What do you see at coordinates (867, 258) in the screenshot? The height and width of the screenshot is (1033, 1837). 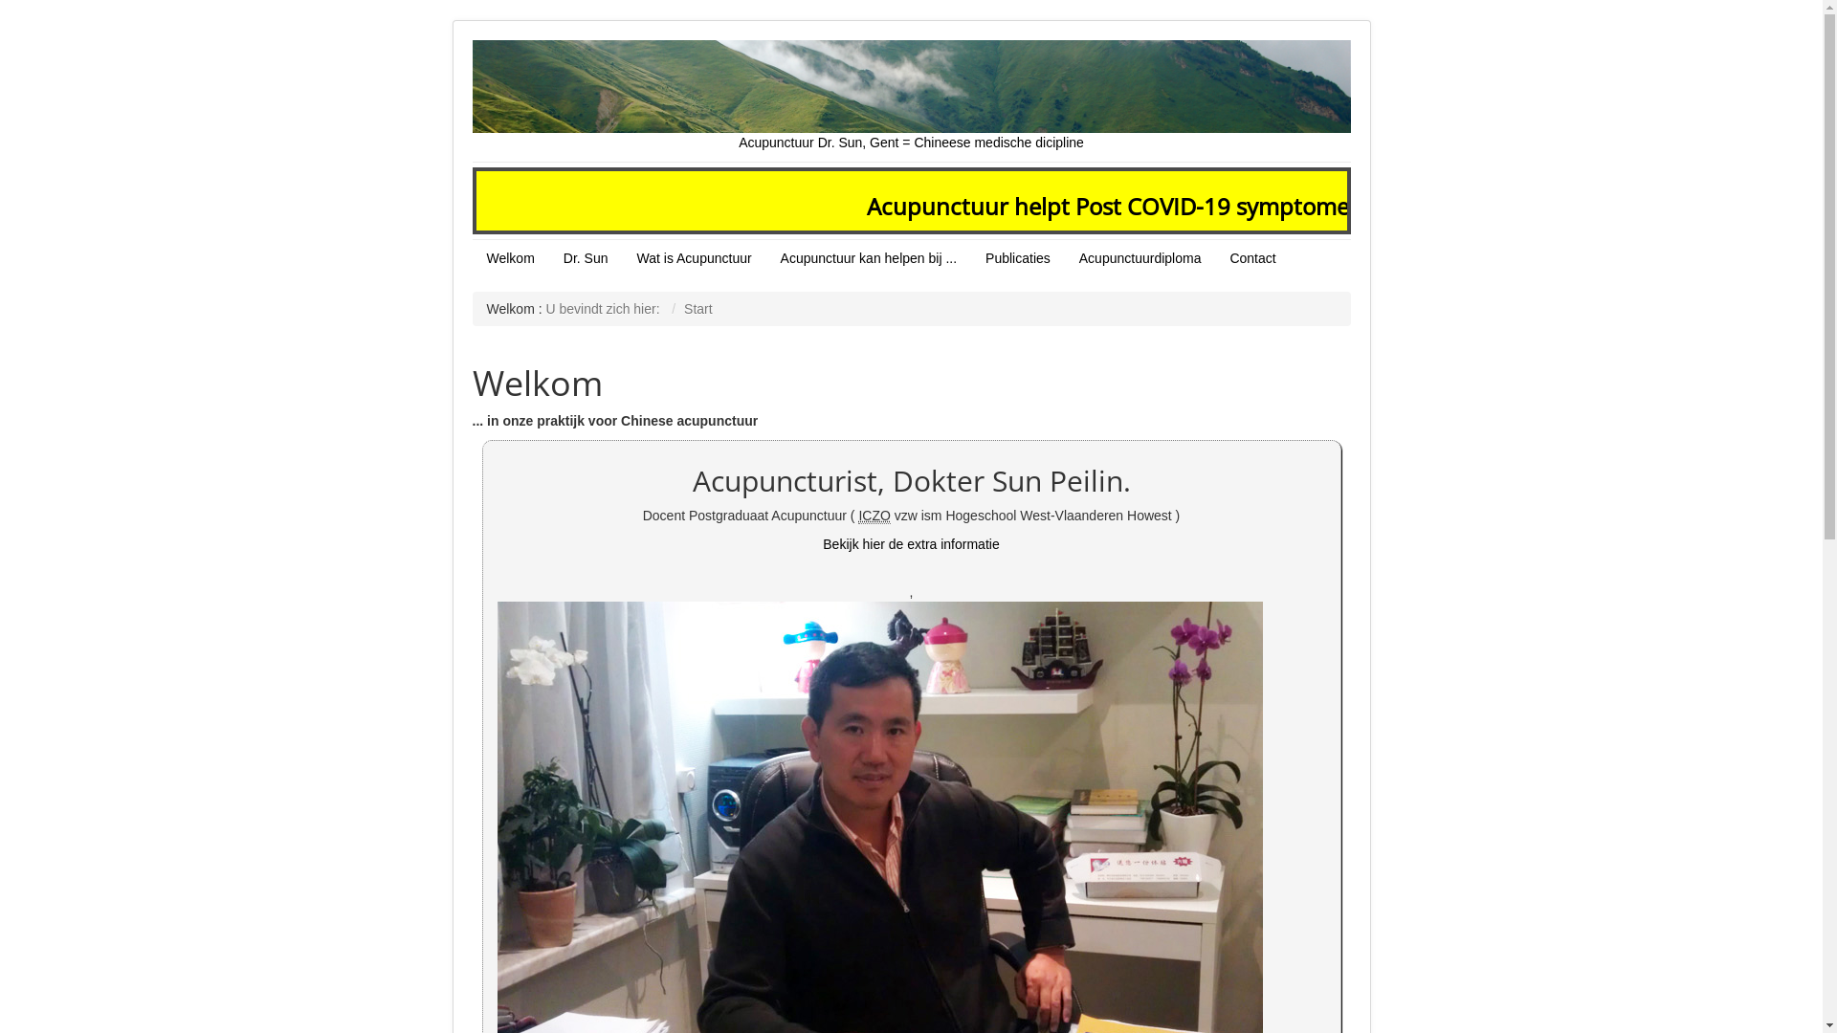 I see `'Acupunctuur kan helpen bij ...'` at bounding box center [867, 258].